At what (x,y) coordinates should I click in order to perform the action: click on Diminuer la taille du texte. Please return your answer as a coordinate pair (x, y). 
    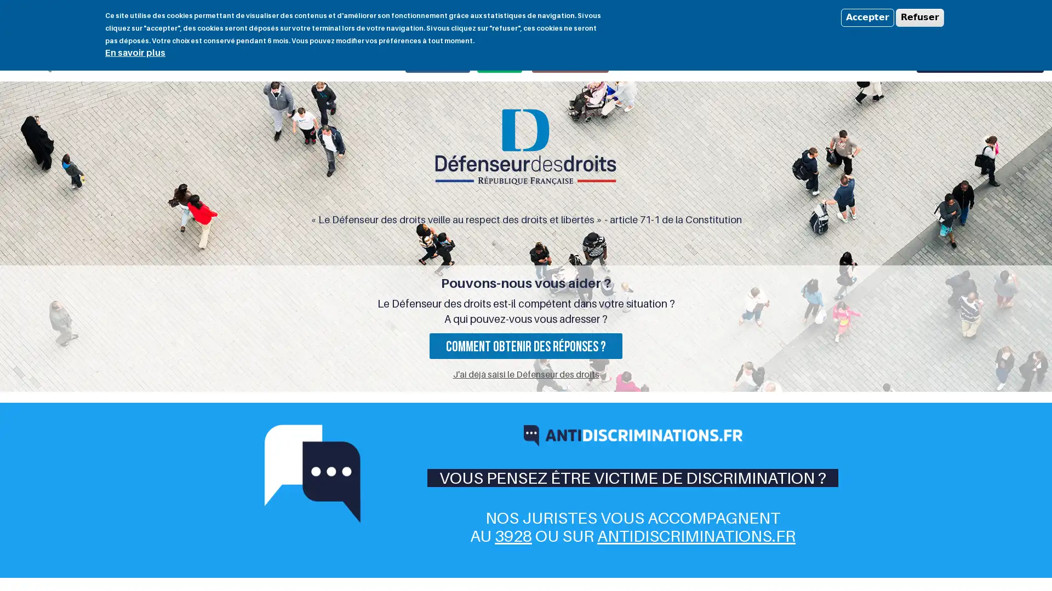
    Looking at the image, I should click on (905, 17).